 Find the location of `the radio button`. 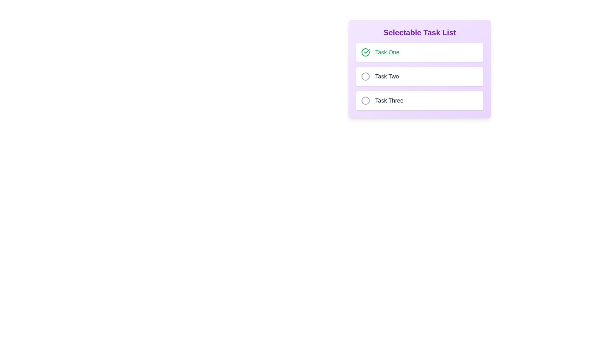

the radio button is located at coordinates (365, 76).